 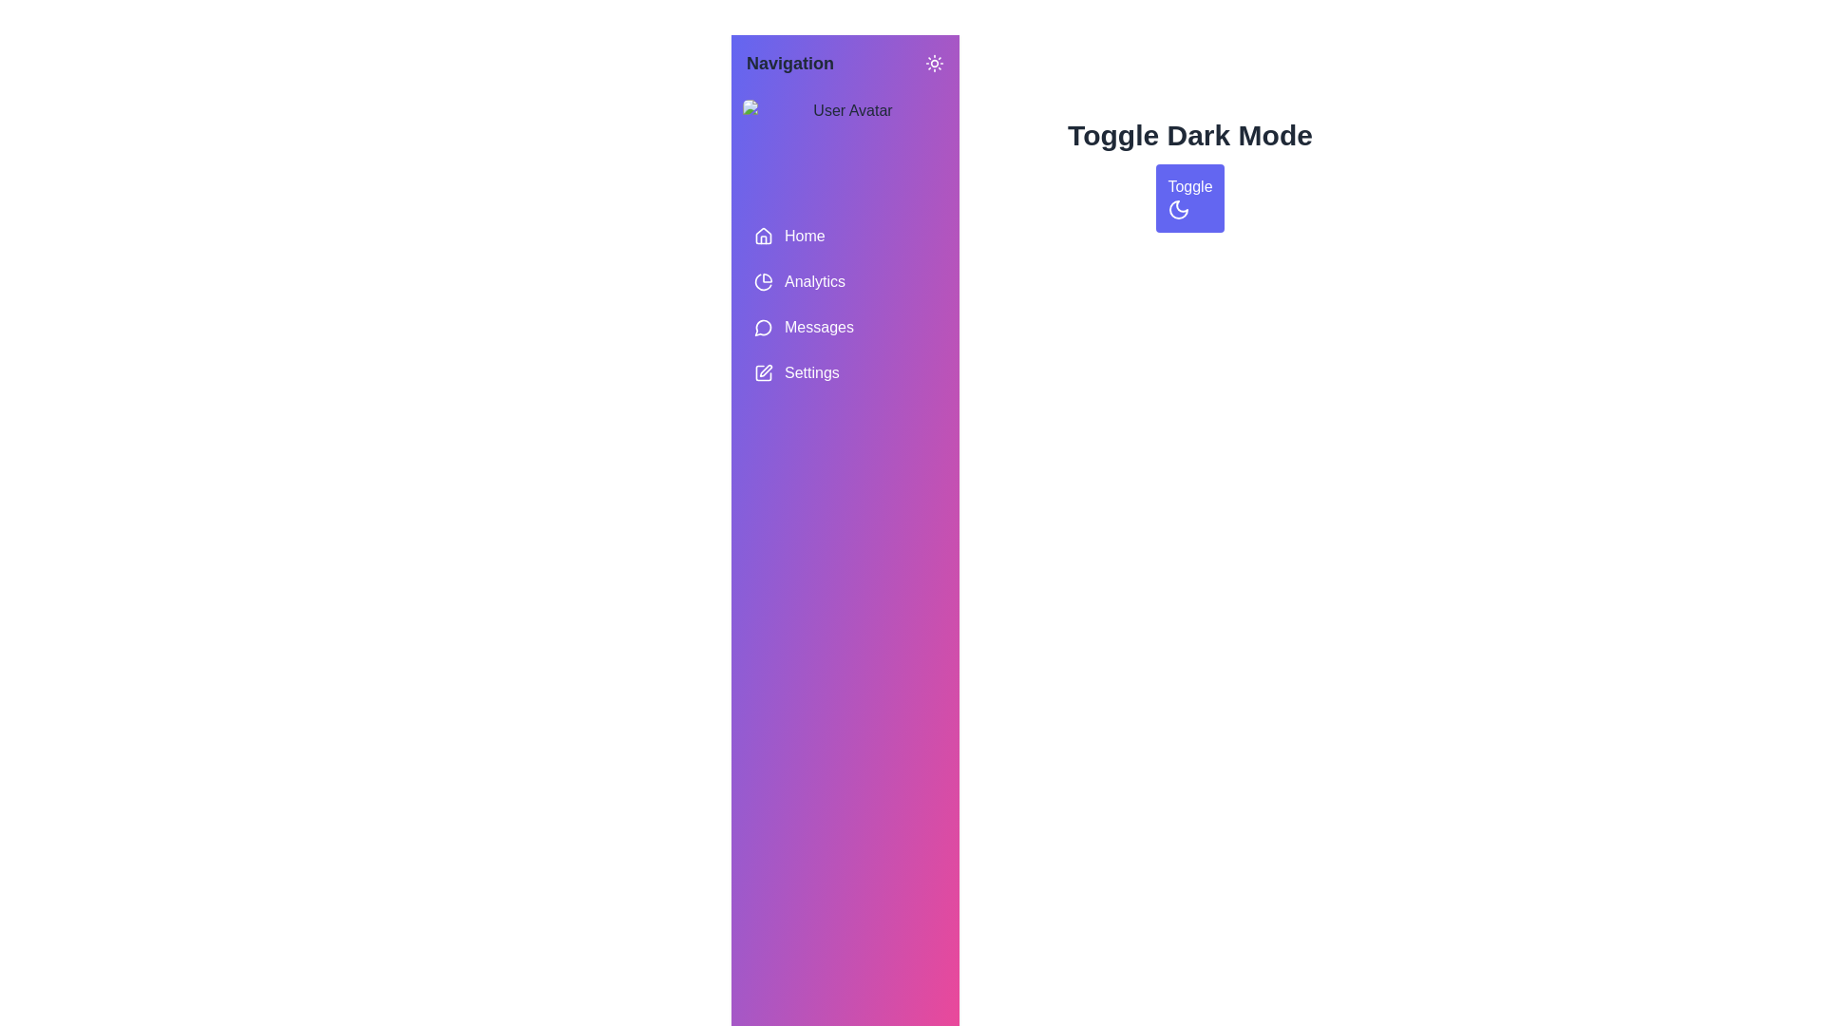 What do you see at coordinates (844, 236) in the screenshot?
I see `the Home navigation item in the sidebar` at bounding box center [844, 236].